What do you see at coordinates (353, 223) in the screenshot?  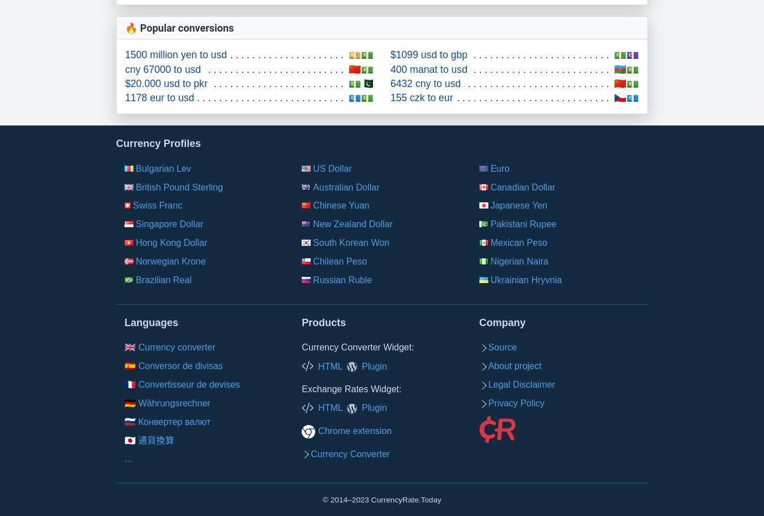 I see `'New Zealand Dollar'` at bounding box center [353, 223].